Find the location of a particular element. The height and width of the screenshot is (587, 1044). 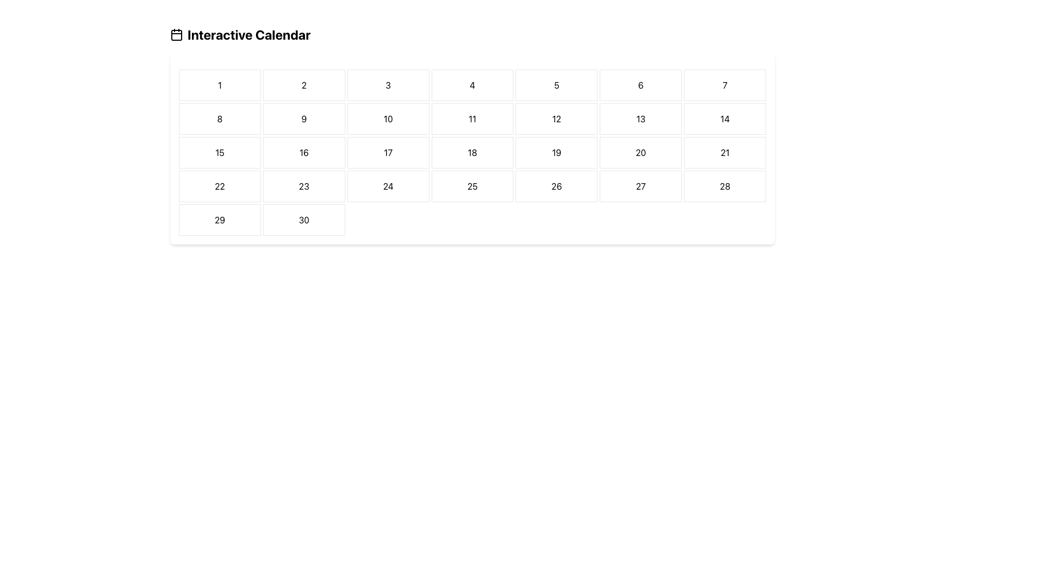

the static cell displaying the text '23' in the fourth row and second column of the calendar grid is located at coordinates (304, 186).